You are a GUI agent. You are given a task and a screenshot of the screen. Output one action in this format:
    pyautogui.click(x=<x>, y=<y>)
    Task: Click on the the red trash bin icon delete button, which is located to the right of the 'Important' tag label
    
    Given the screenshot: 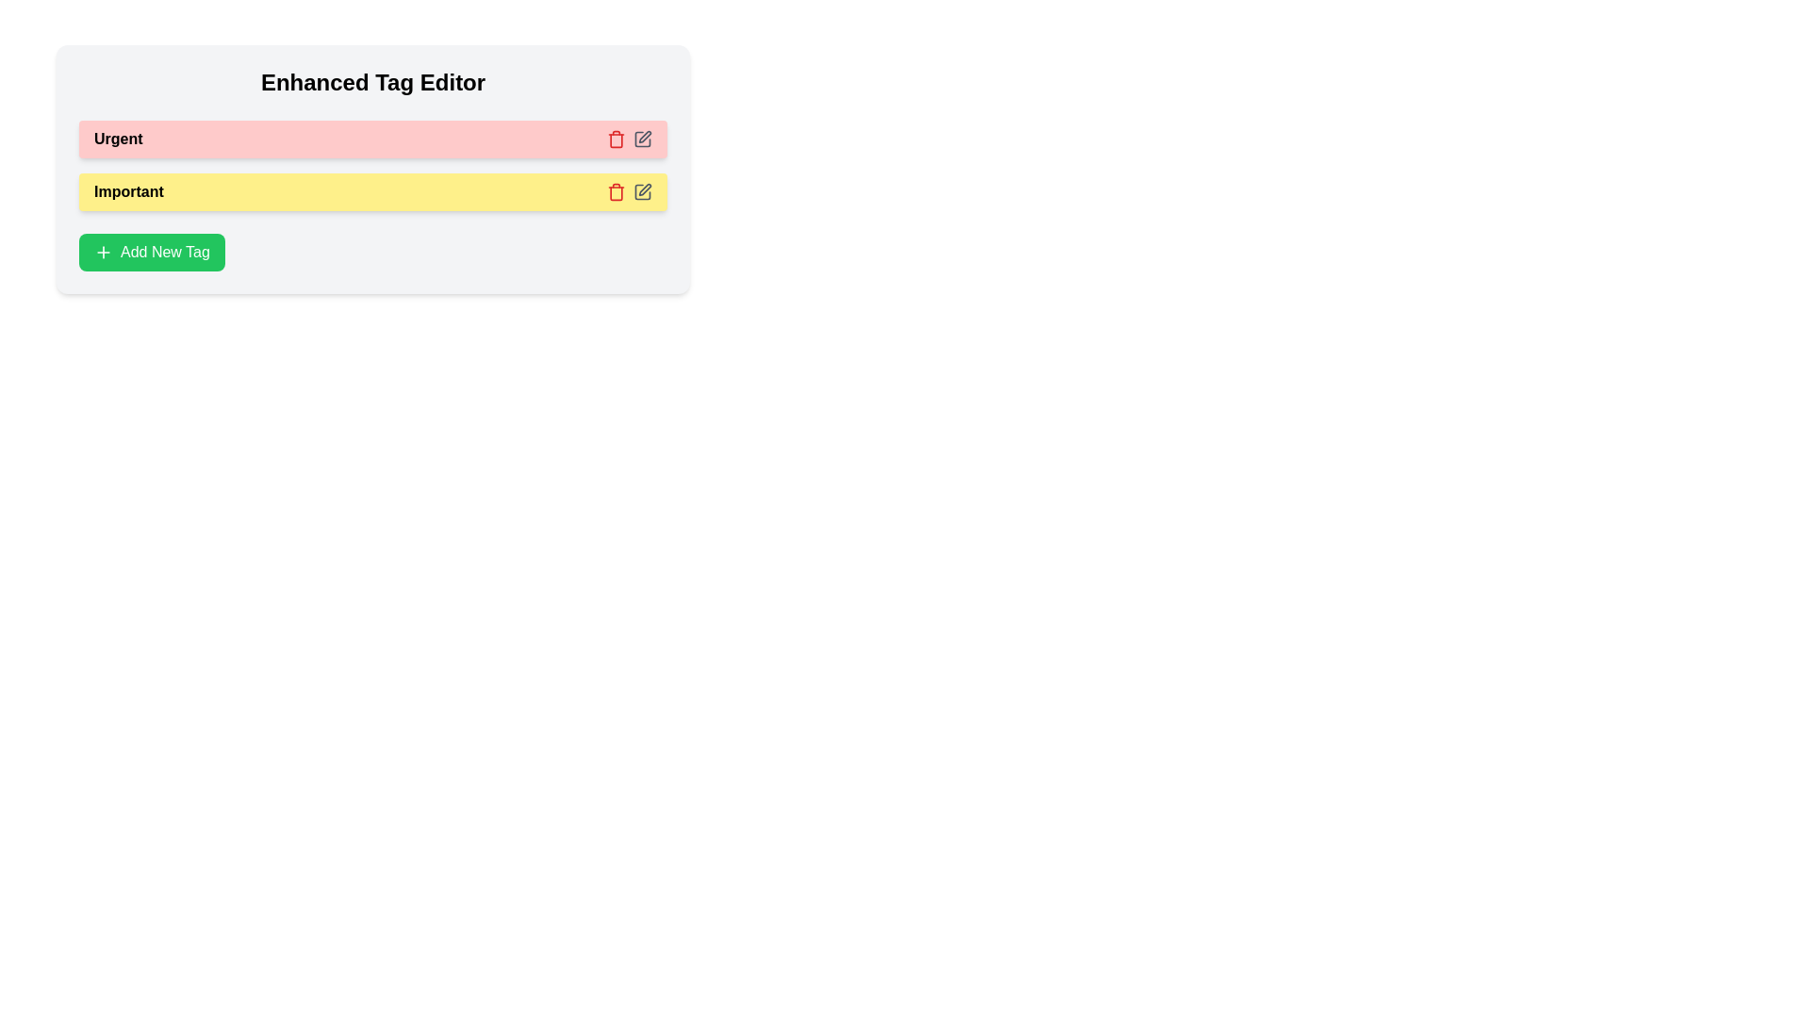 What is the action you would take?
    pyautogui.click(x=616, y=138)
    